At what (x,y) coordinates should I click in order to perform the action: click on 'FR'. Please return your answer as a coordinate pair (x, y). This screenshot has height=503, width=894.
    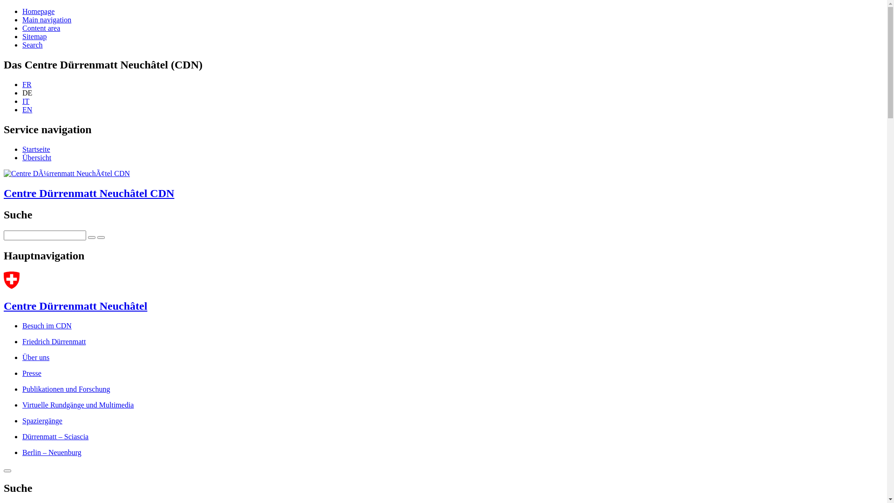
    Looking at the image, I should click on (27, 84).